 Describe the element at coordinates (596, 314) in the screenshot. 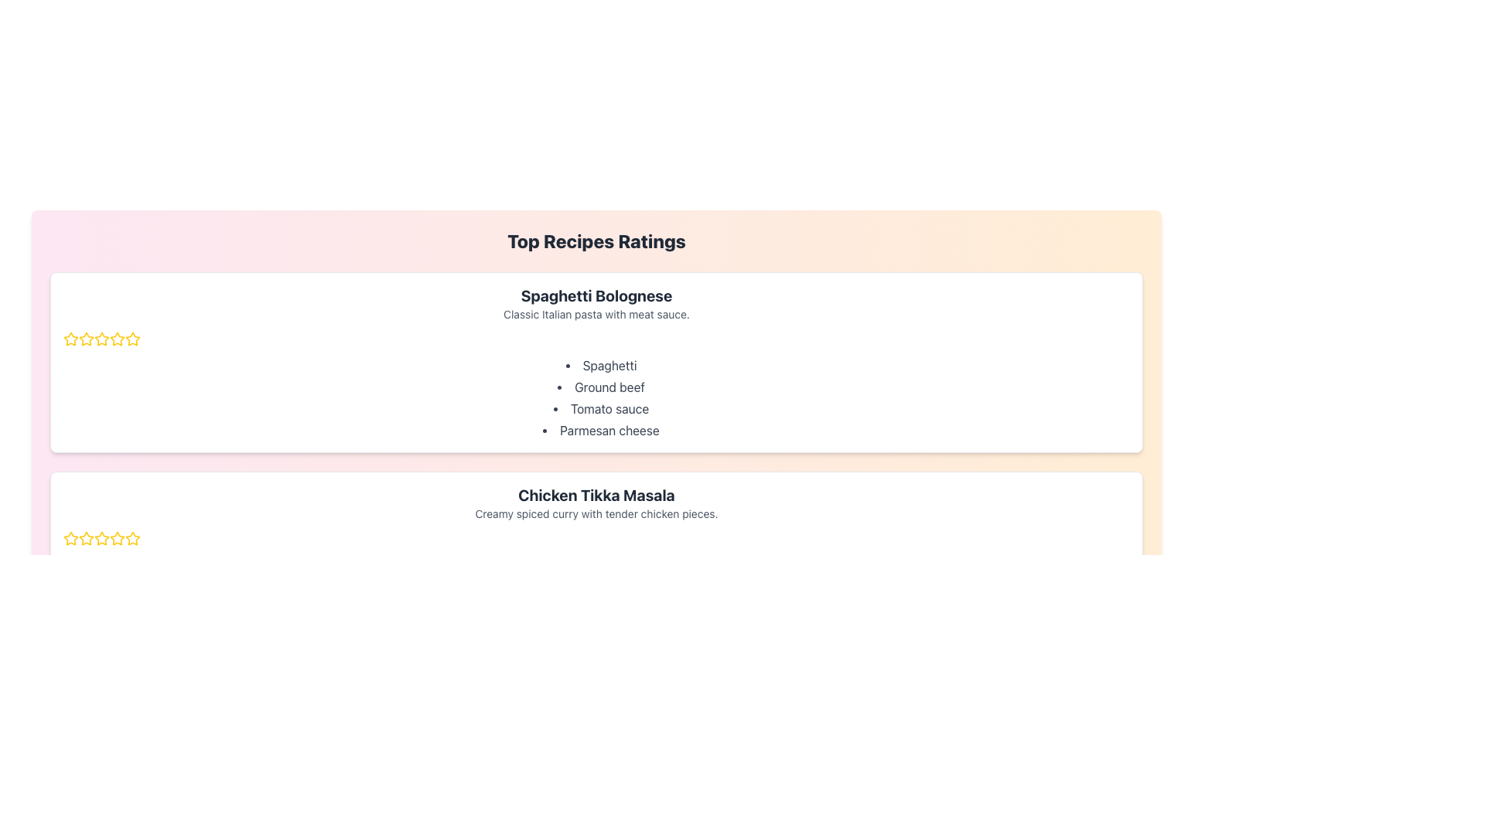

I see `the static text element located below the heading 'Spaghetti Bolognese' in the card component` at that location.